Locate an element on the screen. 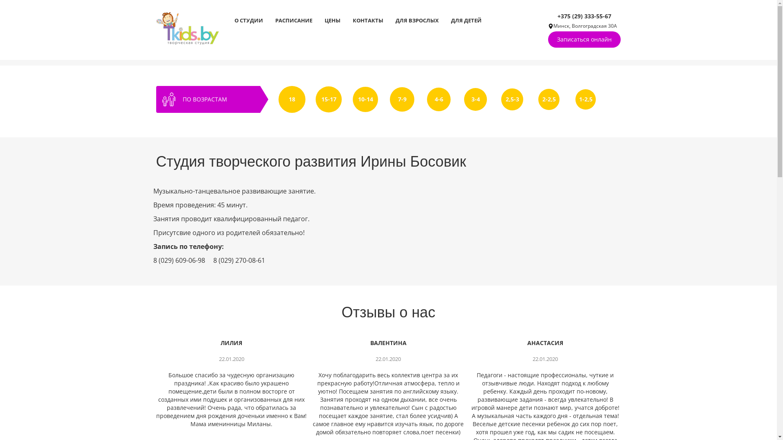  '3-4' is located at coordinates (476, 99).